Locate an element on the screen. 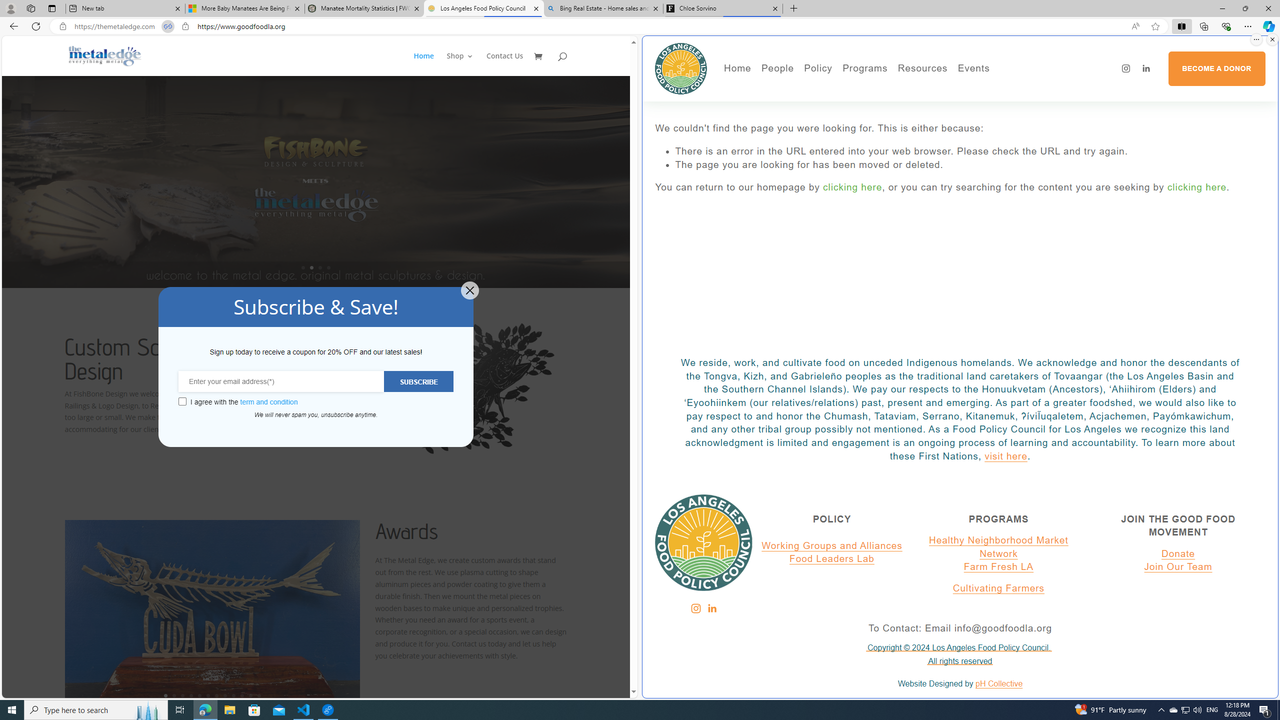 The height and width of the screenshot is (720, 1280). 'Events' is located at coordinates (1007, 88).